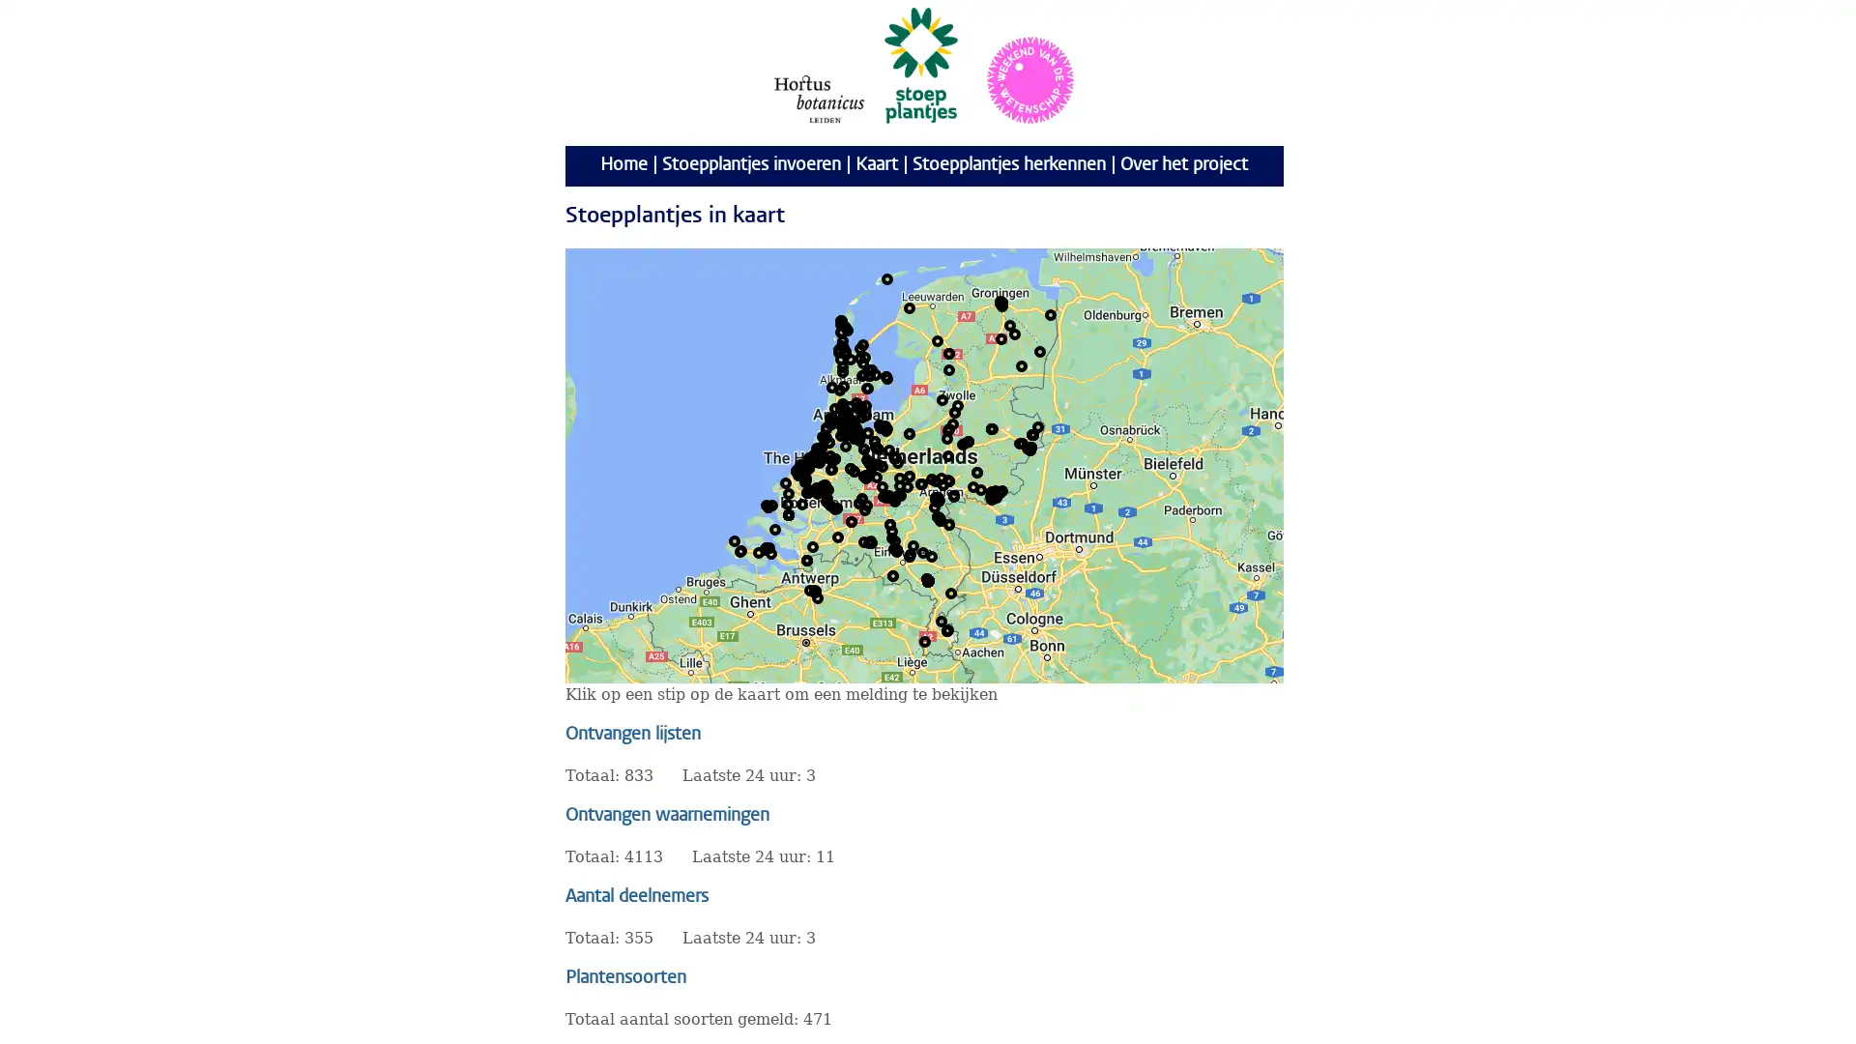 This screenshot has width=1856, height=1044. Describe the element at coordinates (844, 385) in the screenshot. I see `Telling van op 06 april 2022` at that location.